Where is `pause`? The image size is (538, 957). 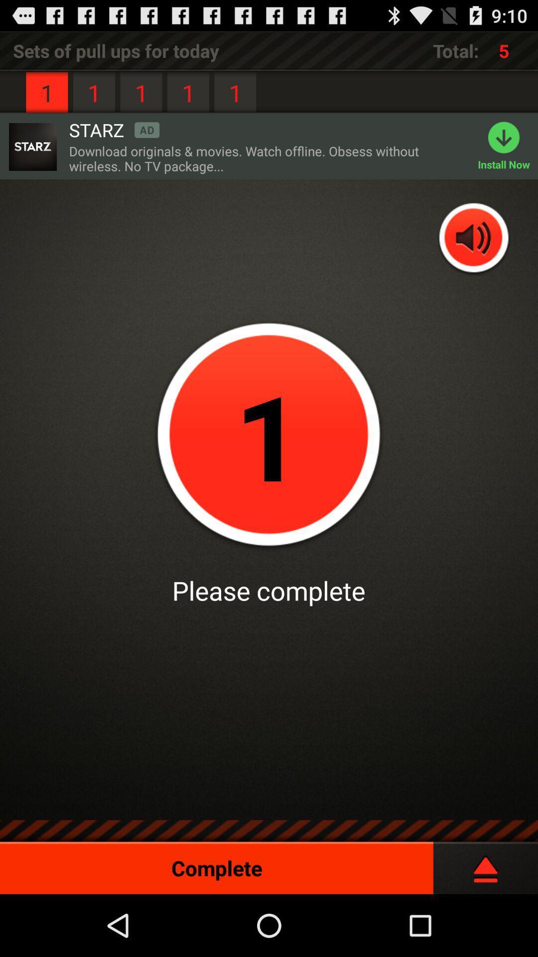 pause is located at coordinates (485, 863).